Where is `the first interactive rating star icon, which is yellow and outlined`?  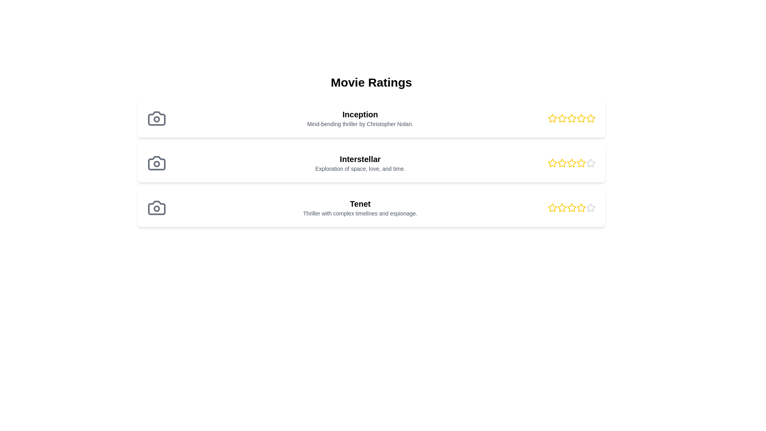
the first interactive rating star icon, which is yellow and outlined is located at coordinates (551, 118).